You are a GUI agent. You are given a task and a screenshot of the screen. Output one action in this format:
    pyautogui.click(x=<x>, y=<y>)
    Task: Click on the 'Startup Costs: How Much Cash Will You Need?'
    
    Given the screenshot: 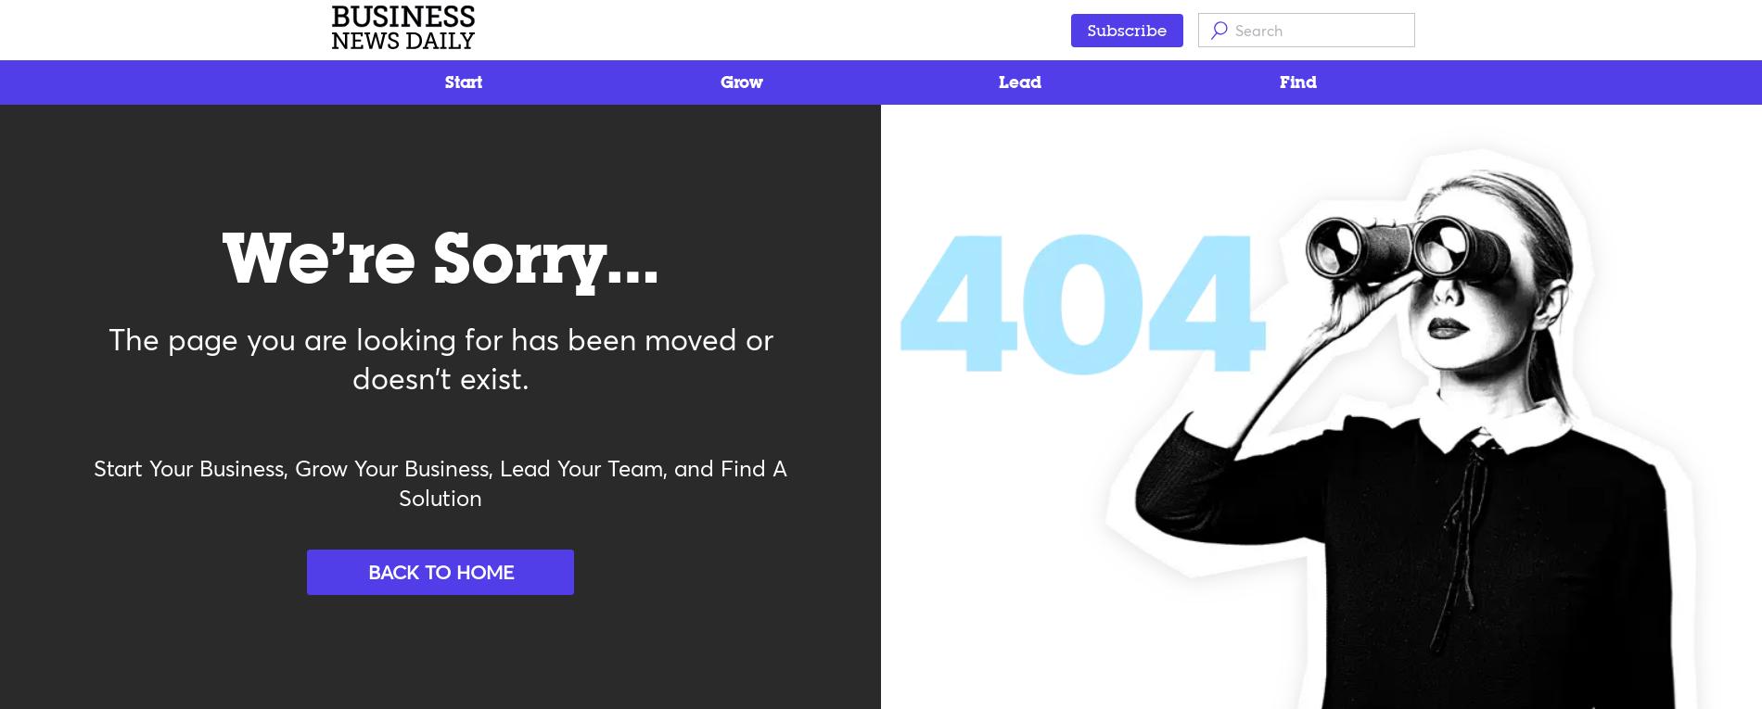 What is the action you would take?
    pyautogui.click(x=327, y=218)
    